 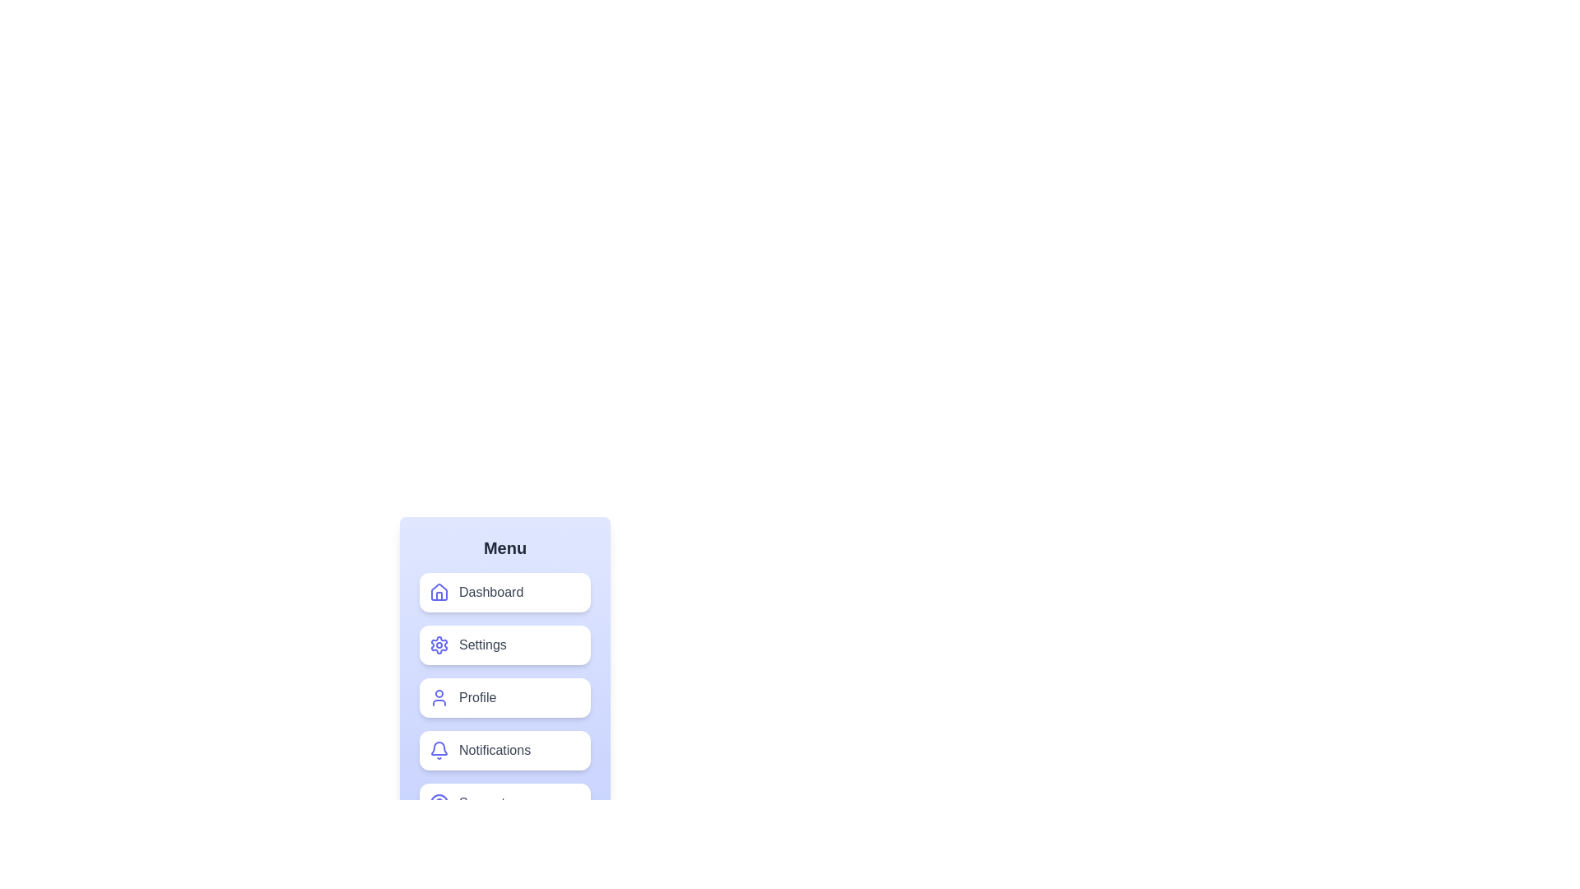 What do you see at coordinates (439, 593) in the screenshot?
I see `the 'Dashboard' icon located to the left of the 'Dashboard' button in the vertical menu under the 'Menu' header` at bounding box center [439, 593].